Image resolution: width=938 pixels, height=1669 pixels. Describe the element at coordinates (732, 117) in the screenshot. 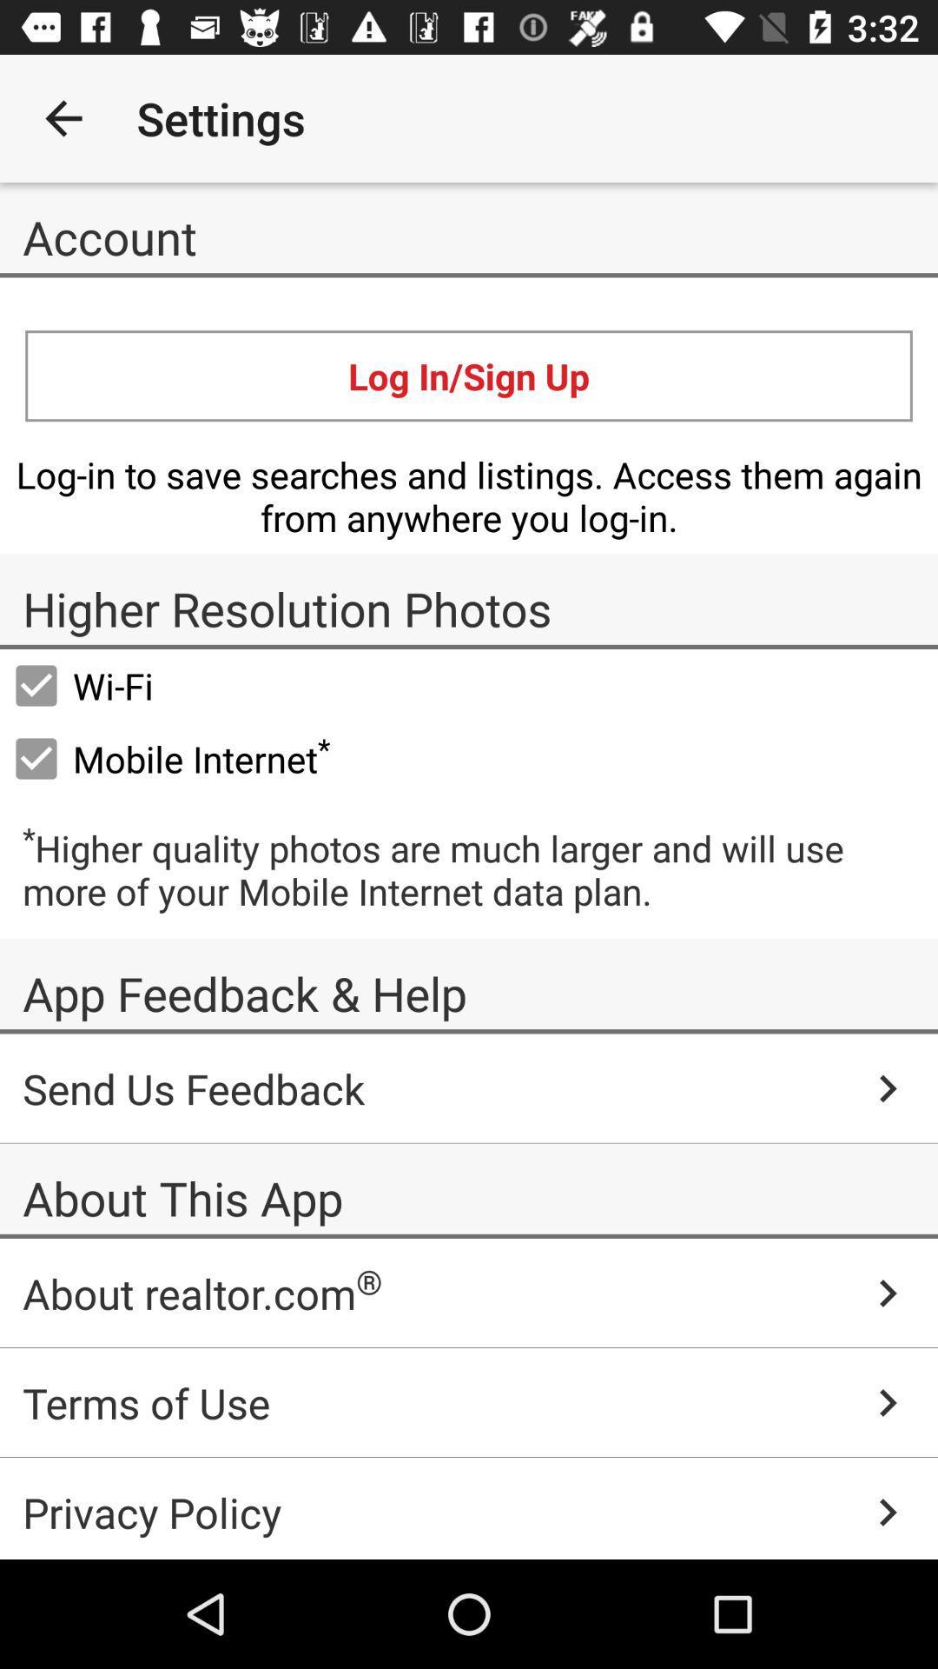

I see `the icon next to settings` at that location.